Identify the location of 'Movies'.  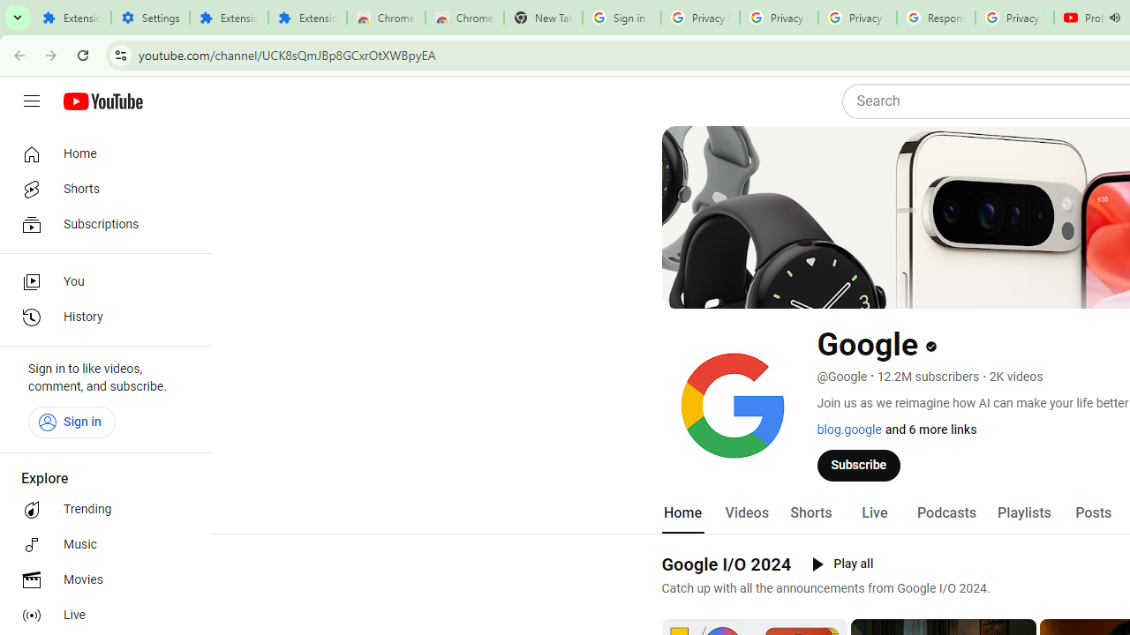
(99, 580).